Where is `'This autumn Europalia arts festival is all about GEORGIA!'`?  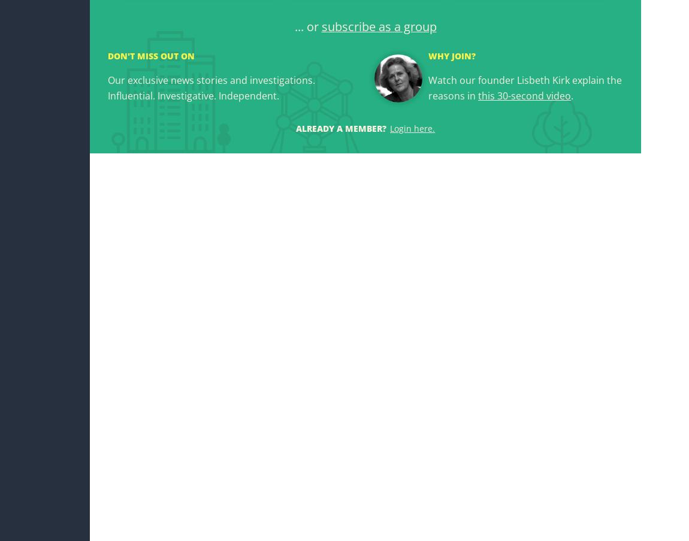 'This autumn Europalia arts festival is all about GEORGIA!' is located at coordinates (557, 492).